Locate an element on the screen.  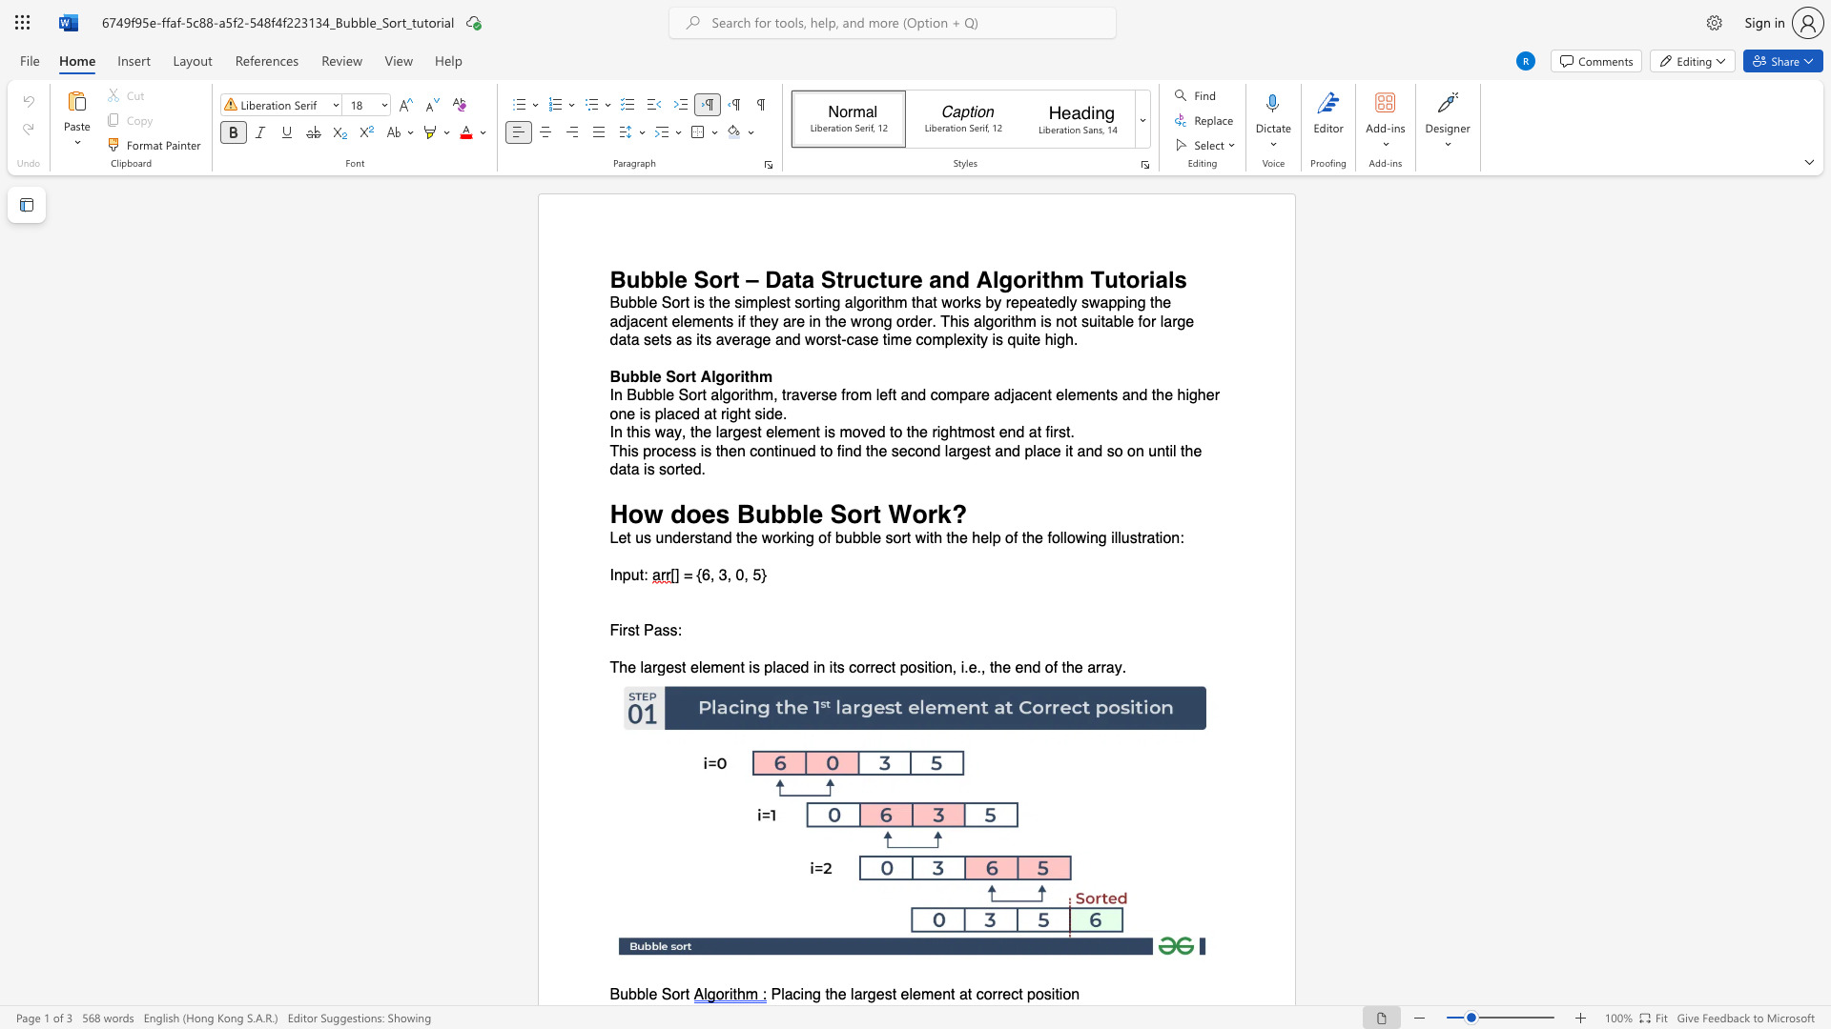
the subset text "ort – Data Structure and" within the text "Bubble Sort – Data Structure and Algorithm Tutorials" is located at coordinates (708, 279).